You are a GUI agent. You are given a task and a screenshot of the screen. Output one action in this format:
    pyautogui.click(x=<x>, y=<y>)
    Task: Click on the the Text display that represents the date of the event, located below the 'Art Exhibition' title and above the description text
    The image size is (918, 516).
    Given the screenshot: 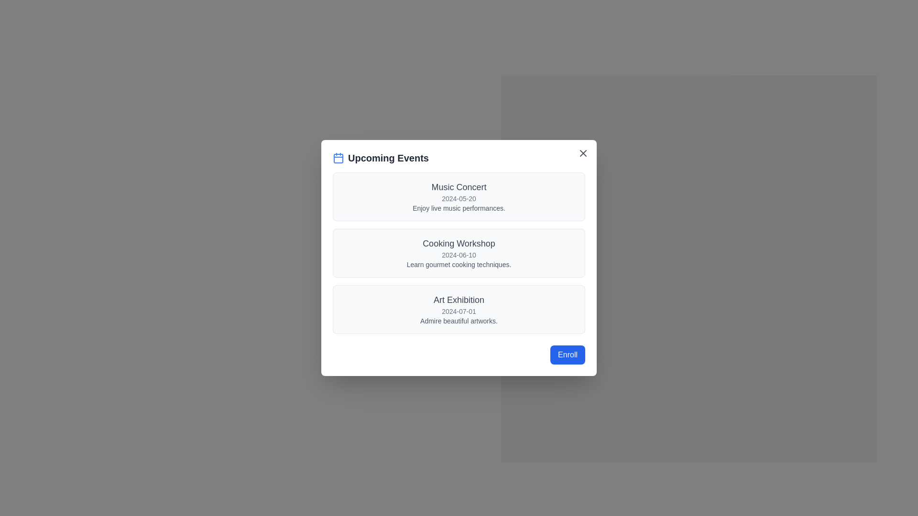 What is the action you would take?
    pyautogui.click(x=459, y=311)
    